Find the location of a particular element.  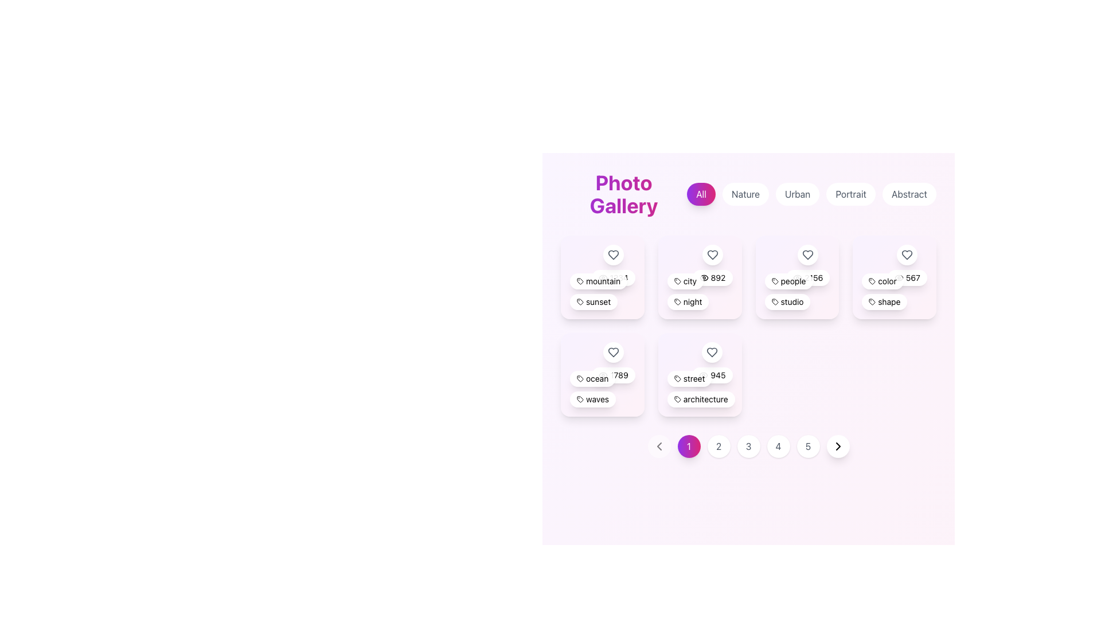

the eye-shaped icon located to the left of the numerical label '1234' on the card in the grid layout is located at coordinates (602, 278).